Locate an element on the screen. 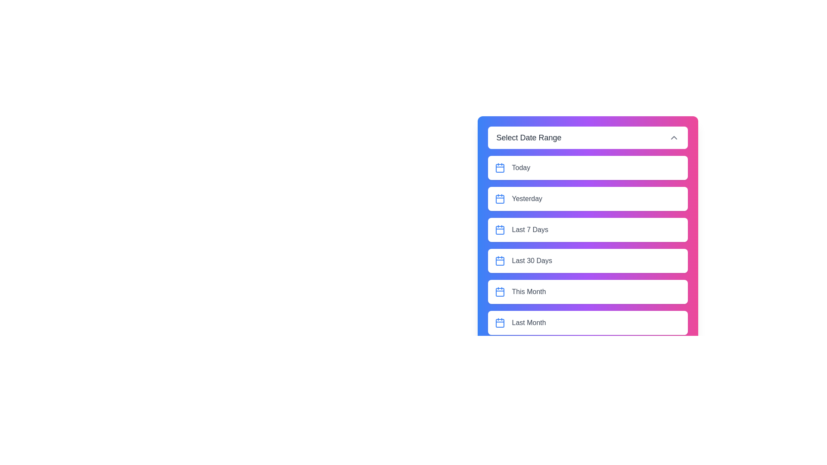  the icon next to the date range Yesterday is located at coordinates (500, 199).